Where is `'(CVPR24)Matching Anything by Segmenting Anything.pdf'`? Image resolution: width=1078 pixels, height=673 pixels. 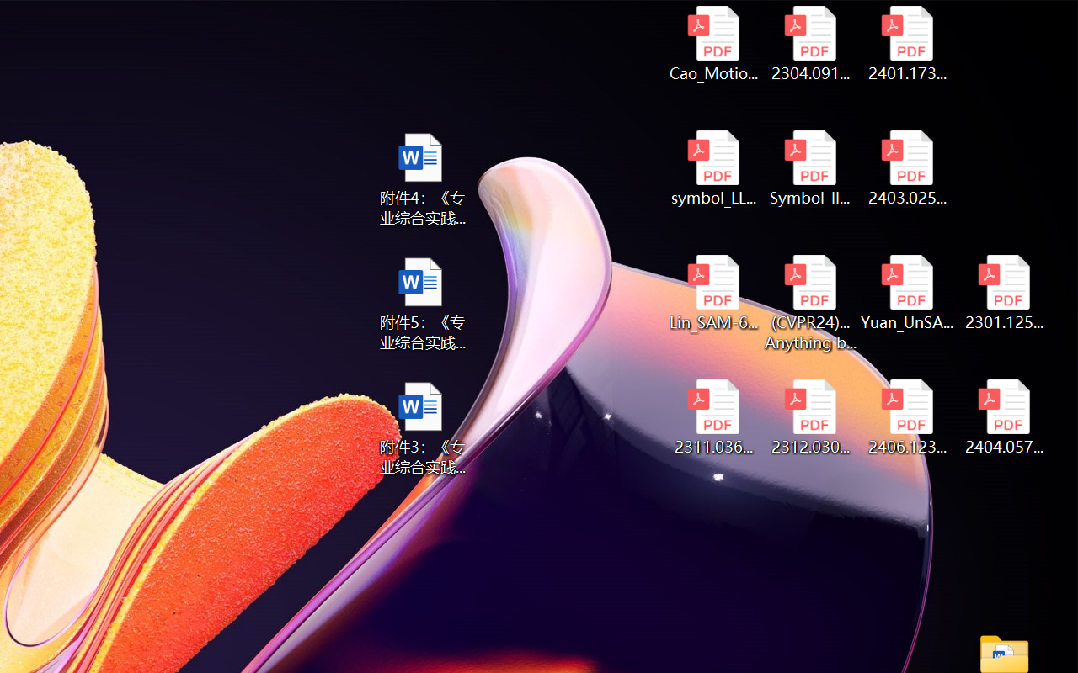
'(CVPR24)Matching Anything by Segmenting Anything.pdf' is located at coordinates (810, 303).